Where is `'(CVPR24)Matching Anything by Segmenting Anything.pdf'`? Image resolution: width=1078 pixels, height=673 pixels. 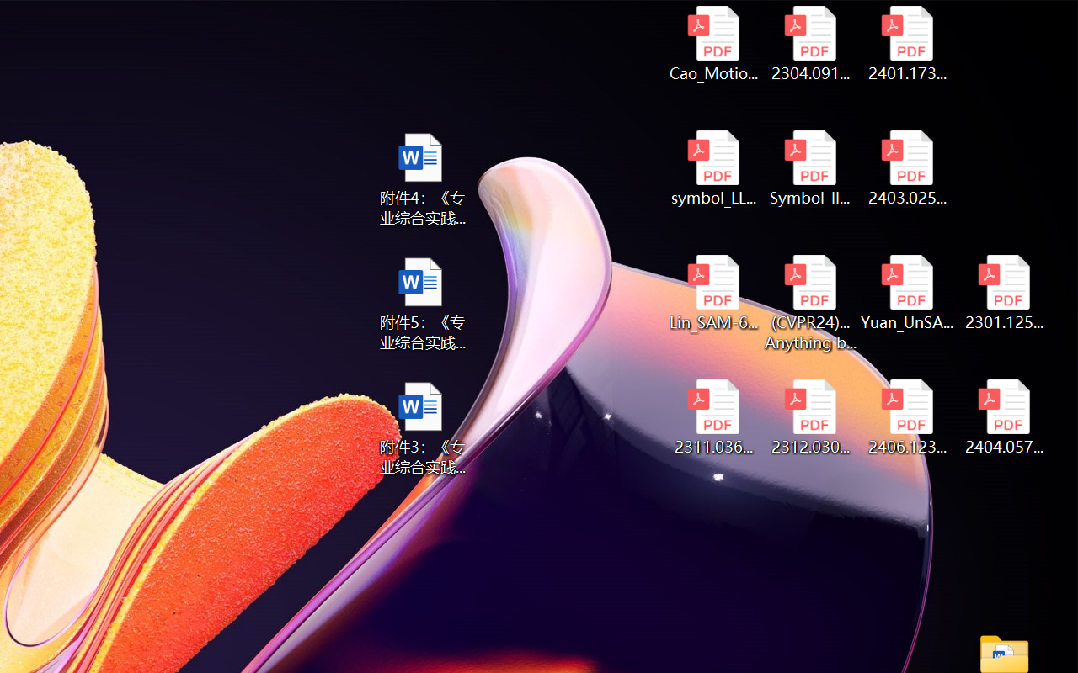
'(CVPR24)Matching Anything by Segmenting Anything.pdf' is located at coordinates (810, 303).